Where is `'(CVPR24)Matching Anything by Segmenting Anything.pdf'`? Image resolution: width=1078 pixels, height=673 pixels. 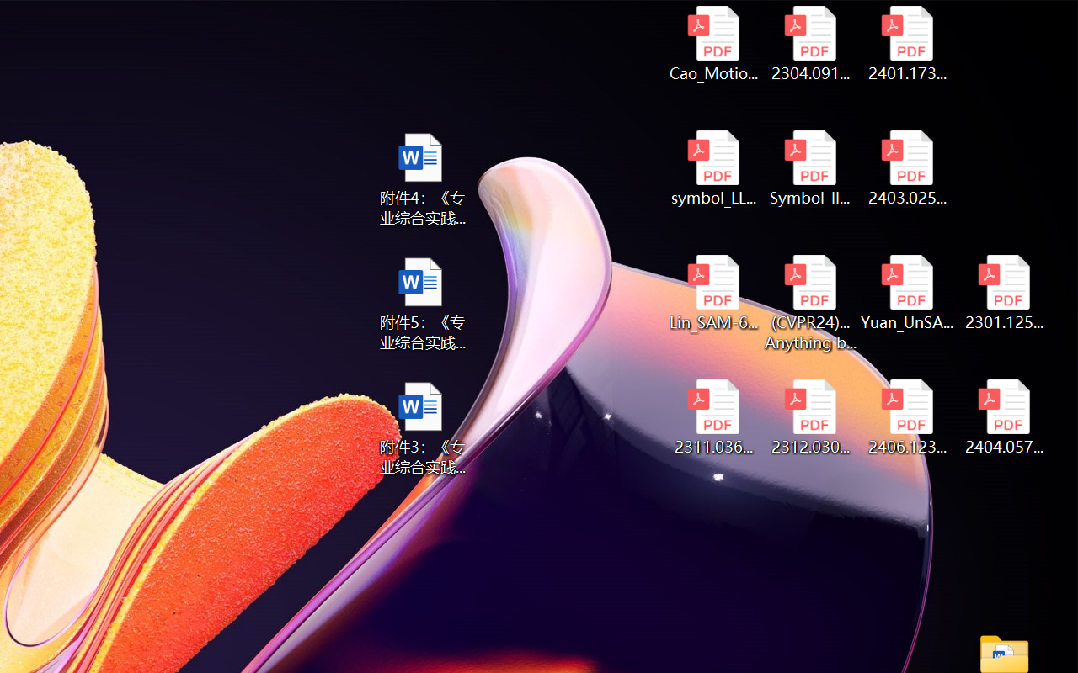
'(CVPR24)Matching Anything by Segmenting Anything.pdf' is located at coordinates (810, 303).